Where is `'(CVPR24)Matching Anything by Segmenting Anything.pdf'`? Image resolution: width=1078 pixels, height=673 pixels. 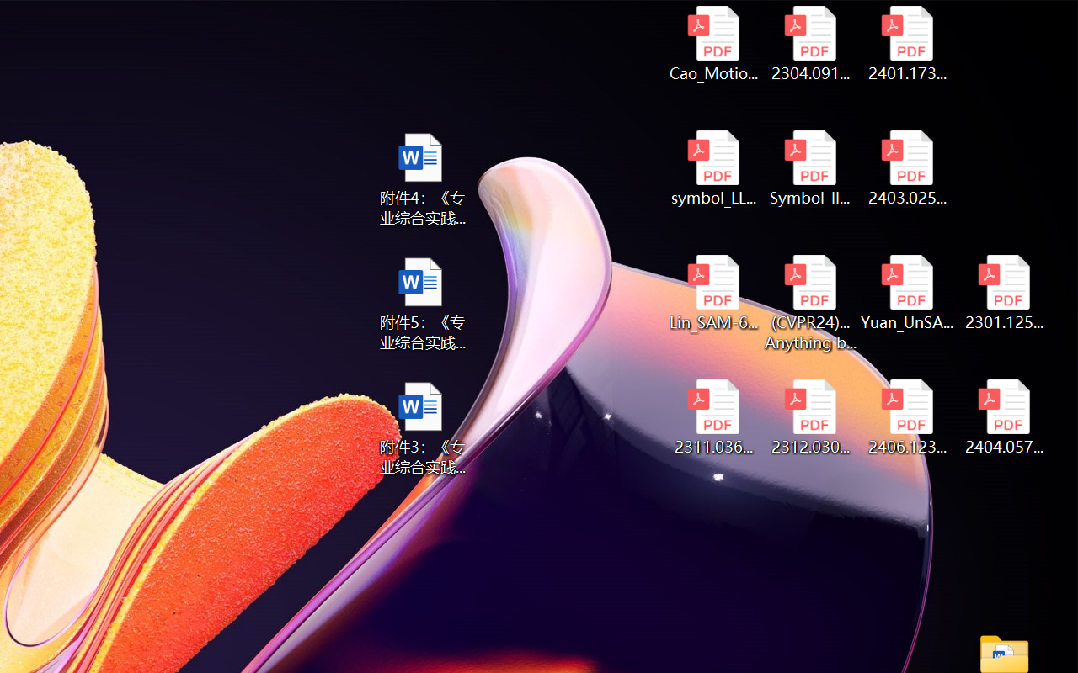
'(CVPR24)Matching Anything by Segmenting Anything.pdf' is located at coordinates (810, 303).